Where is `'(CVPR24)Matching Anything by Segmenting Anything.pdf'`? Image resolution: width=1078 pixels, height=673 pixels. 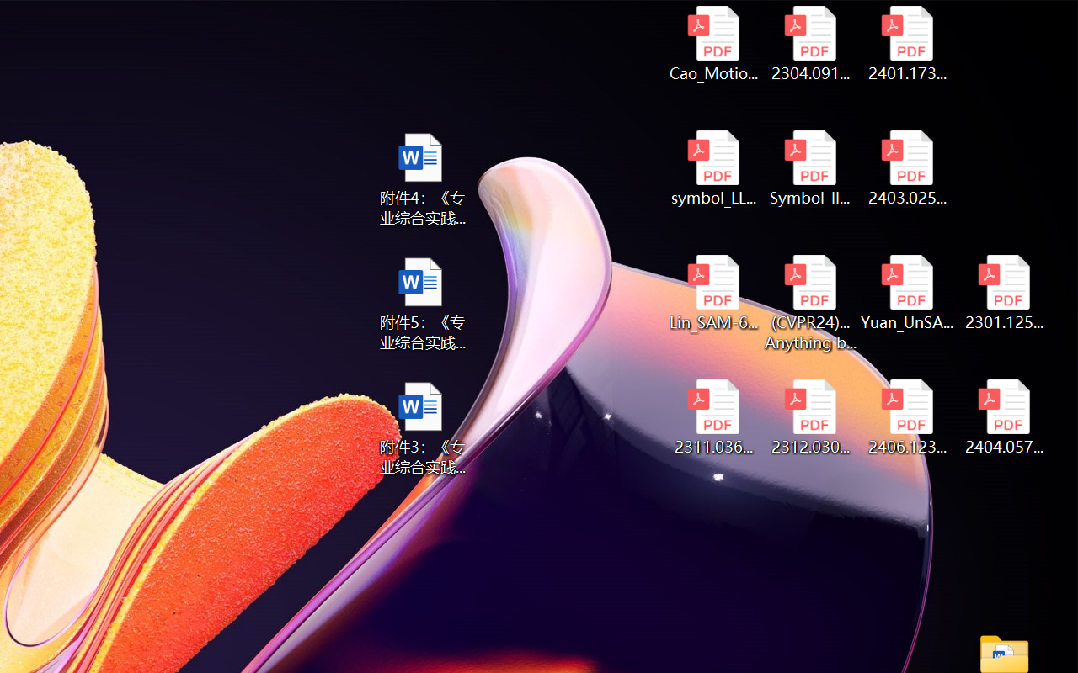
'(CVPR24)Matching Anything by Segmenting Anything.pdf' is located at coordinates (810, 303).